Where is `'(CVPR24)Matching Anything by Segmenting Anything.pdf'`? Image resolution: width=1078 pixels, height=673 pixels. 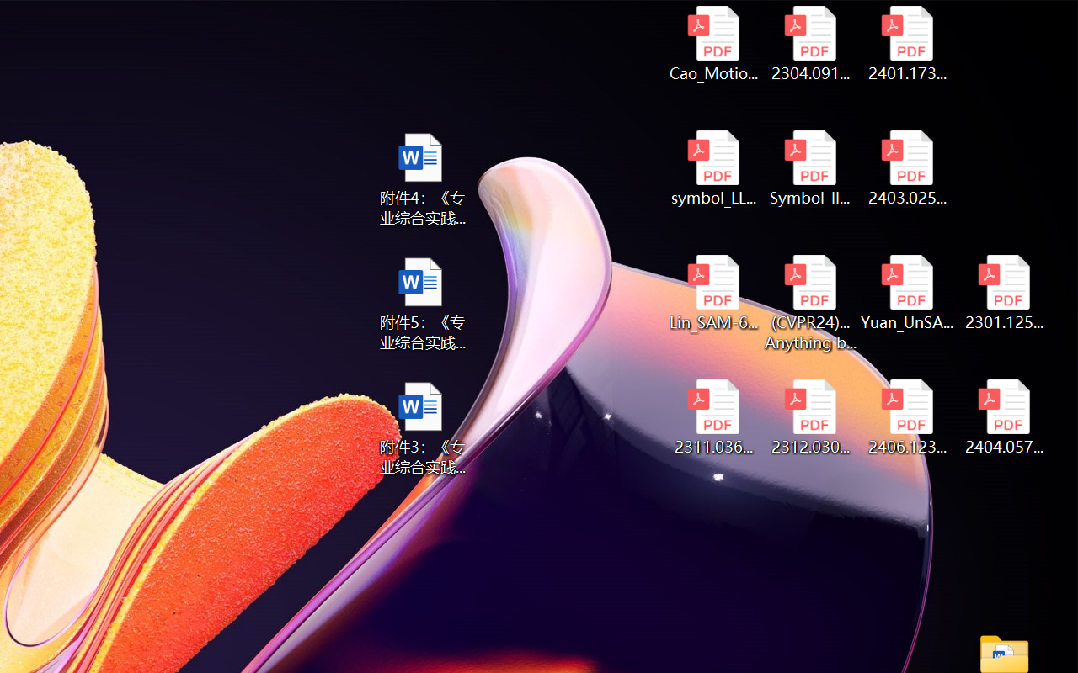
'(CVPR24)Matching Anything by Segmenting Anything.pdf' is located at coordinates (810, 303).